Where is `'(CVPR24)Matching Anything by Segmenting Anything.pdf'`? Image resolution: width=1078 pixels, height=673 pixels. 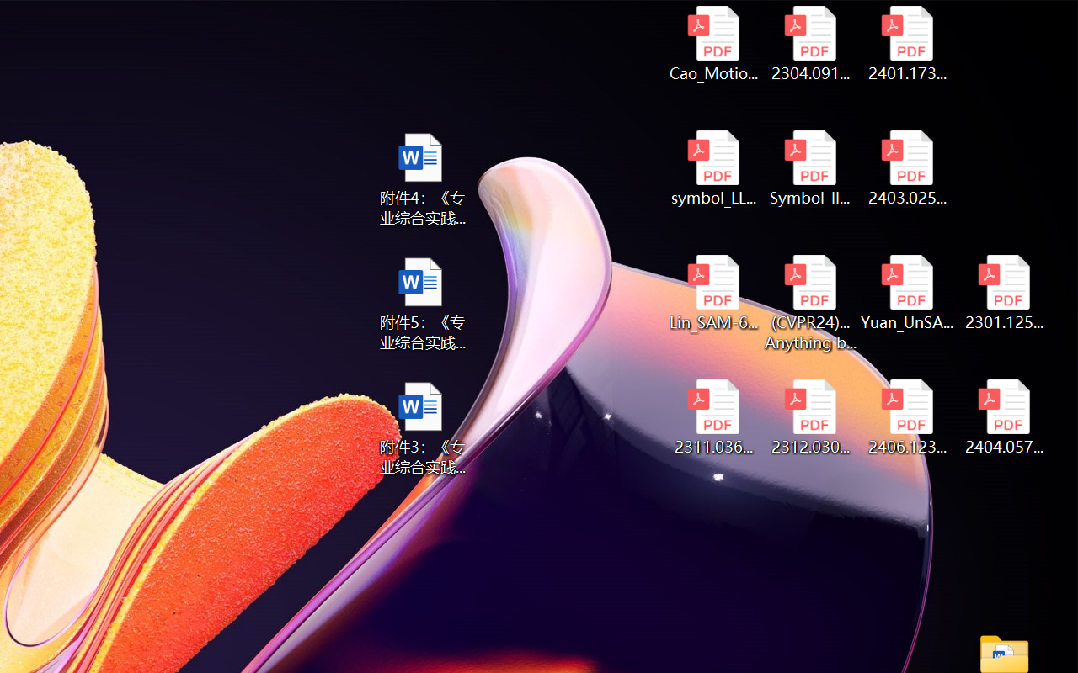
'(CVPR24)Matching Anything by Segmenting Anything.pdf' is located at coordinates (810, 303).